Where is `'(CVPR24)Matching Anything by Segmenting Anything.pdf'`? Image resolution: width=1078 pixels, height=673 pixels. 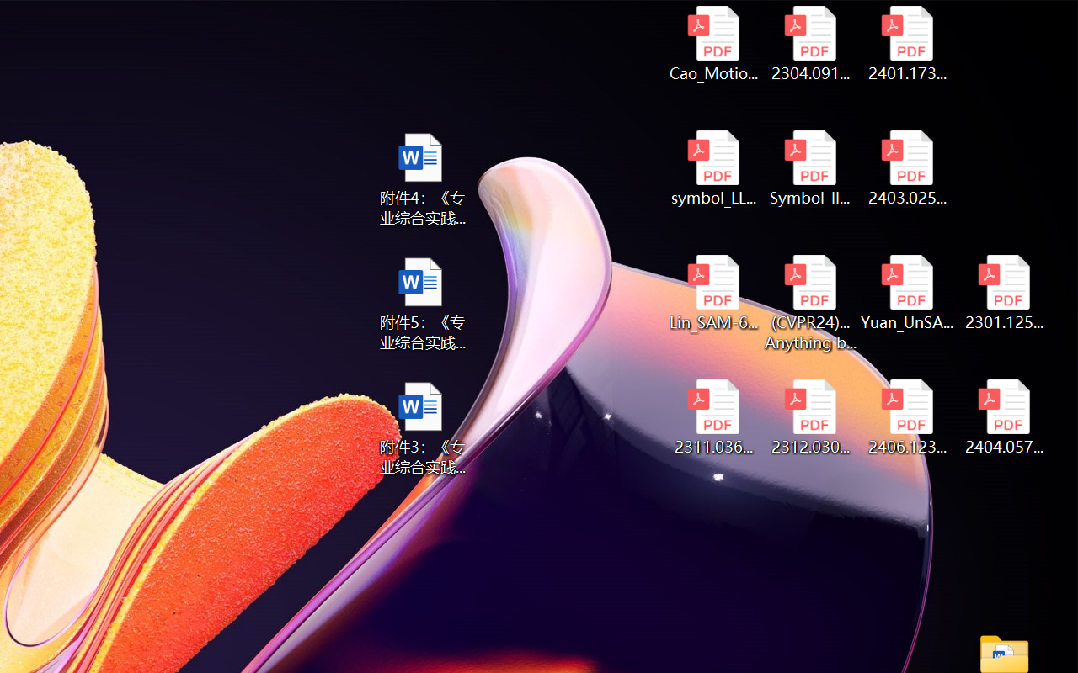
'(CVPR24)Matching Anything by Segmenting Anything.pdf' is located at coordinates (810, 303).